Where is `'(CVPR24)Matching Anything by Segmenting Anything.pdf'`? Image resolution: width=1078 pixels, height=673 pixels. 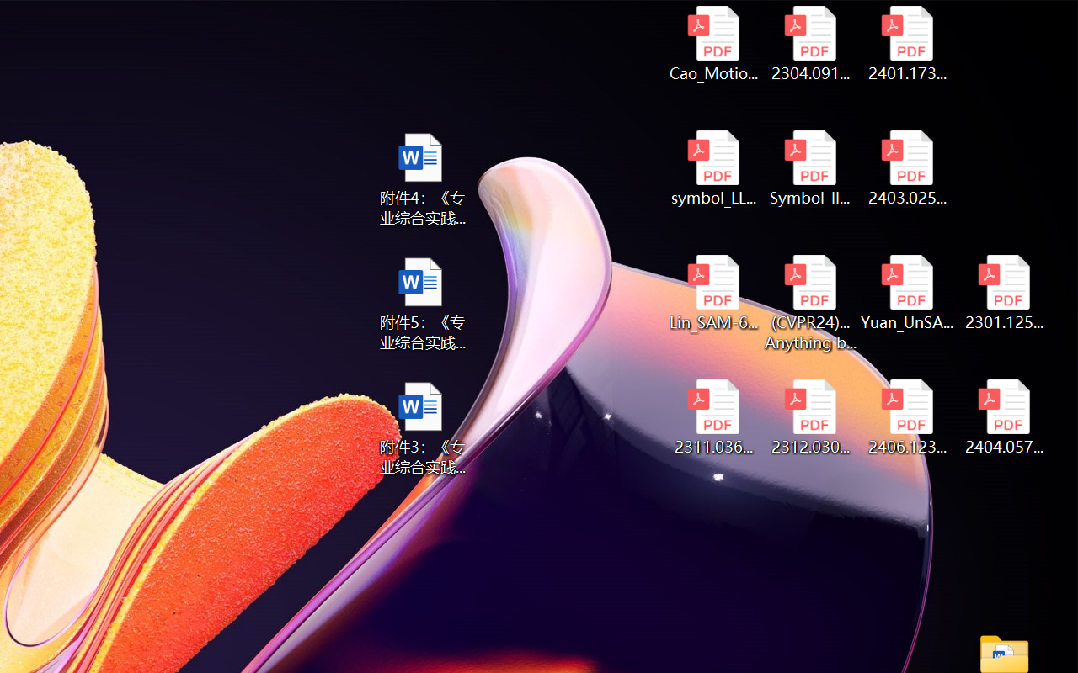
'(CVPR24)Matching Anything by Segmenting Anything.pdf' is located at coordinates (810, 303).